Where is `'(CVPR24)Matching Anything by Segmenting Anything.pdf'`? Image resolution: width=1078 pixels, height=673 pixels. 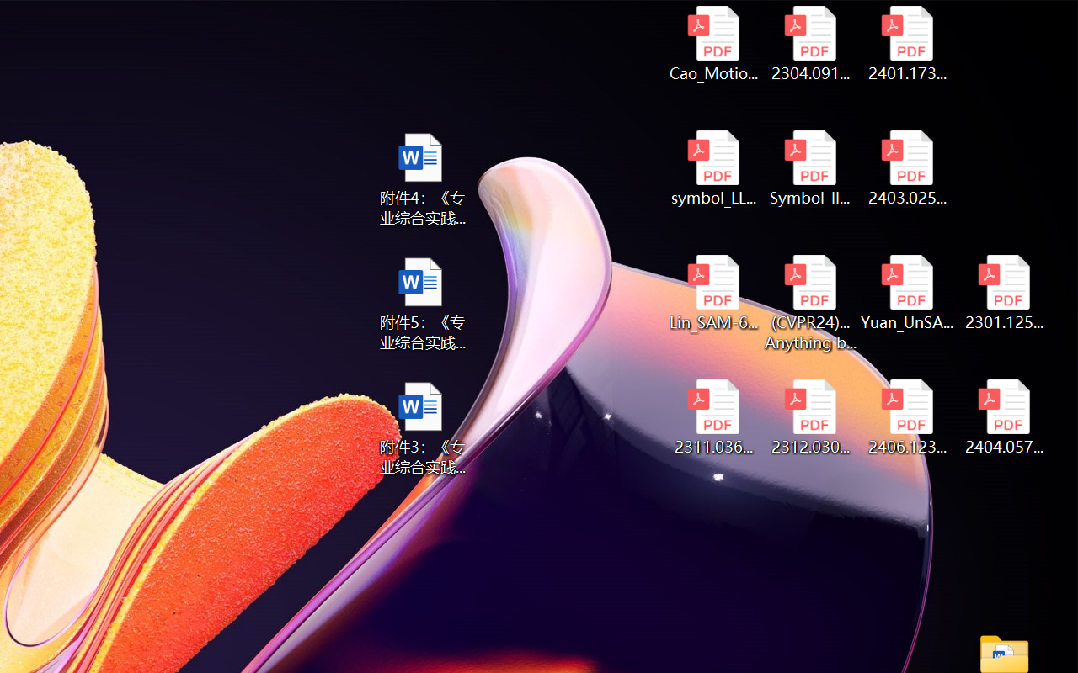
'(CVPR24)Matching Anything by Segmenting Anything.pdf' is located at coordinates (810, 303).